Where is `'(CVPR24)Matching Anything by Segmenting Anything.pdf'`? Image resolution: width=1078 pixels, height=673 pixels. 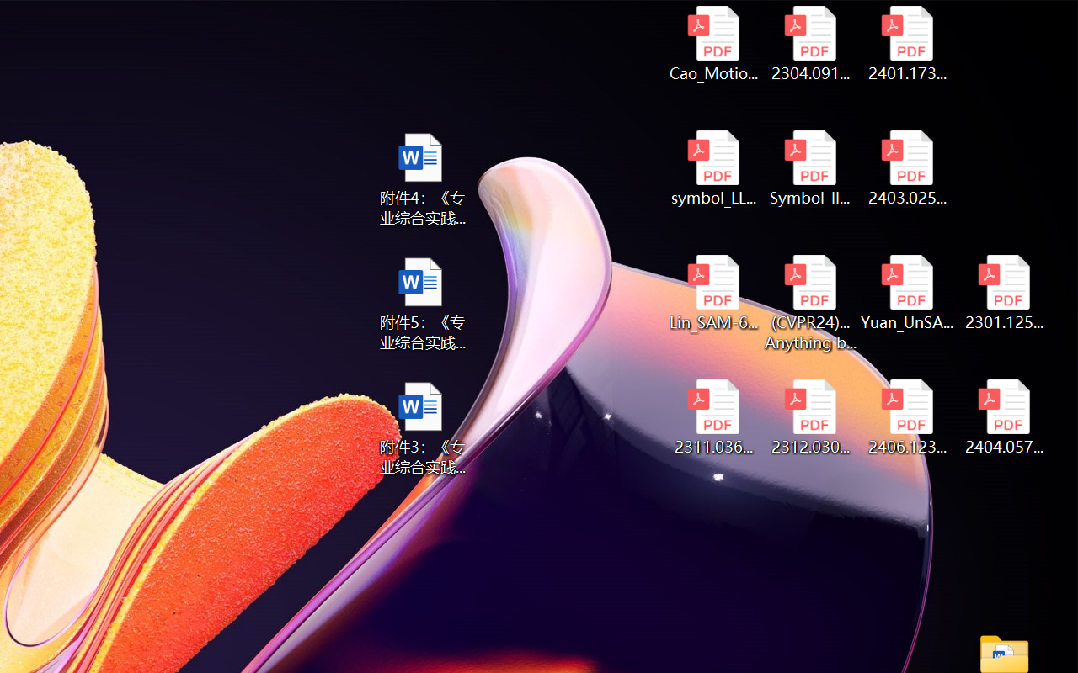
'(CVPR24)Matching Anything by Segmenting Anything.pdf' is located at coordinates (810, 303).